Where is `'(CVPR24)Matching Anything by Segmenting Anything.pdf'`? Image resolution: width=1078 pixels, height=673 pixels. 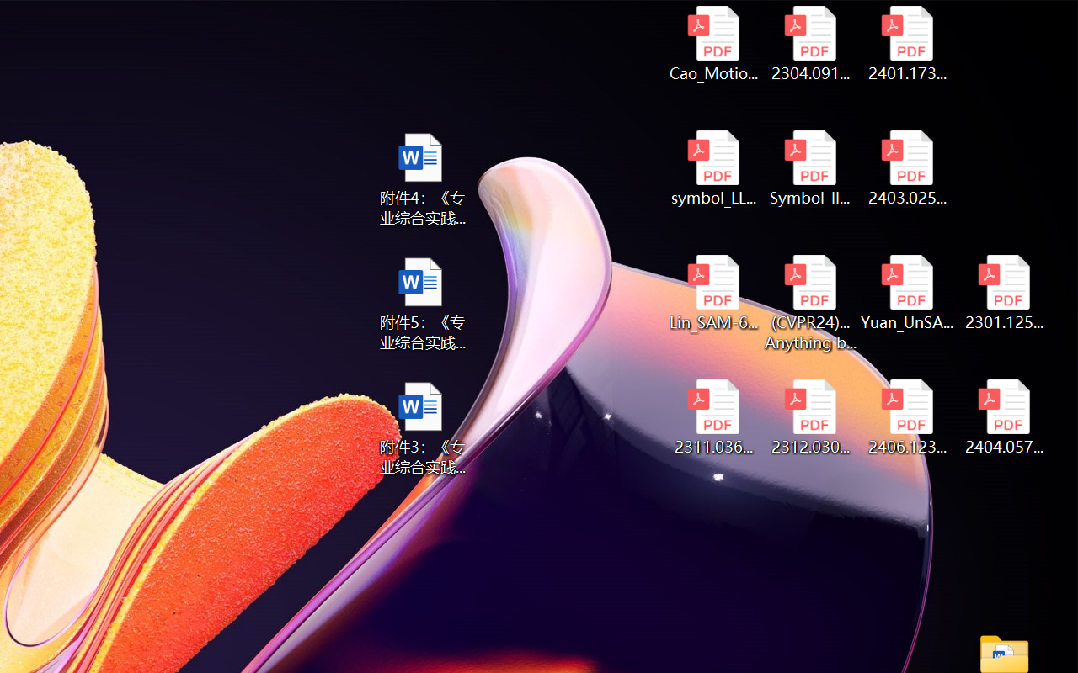
'(CVPR24)Matching Anything by Segmenting Anything.pdf' is located at coordinates (810, 303).